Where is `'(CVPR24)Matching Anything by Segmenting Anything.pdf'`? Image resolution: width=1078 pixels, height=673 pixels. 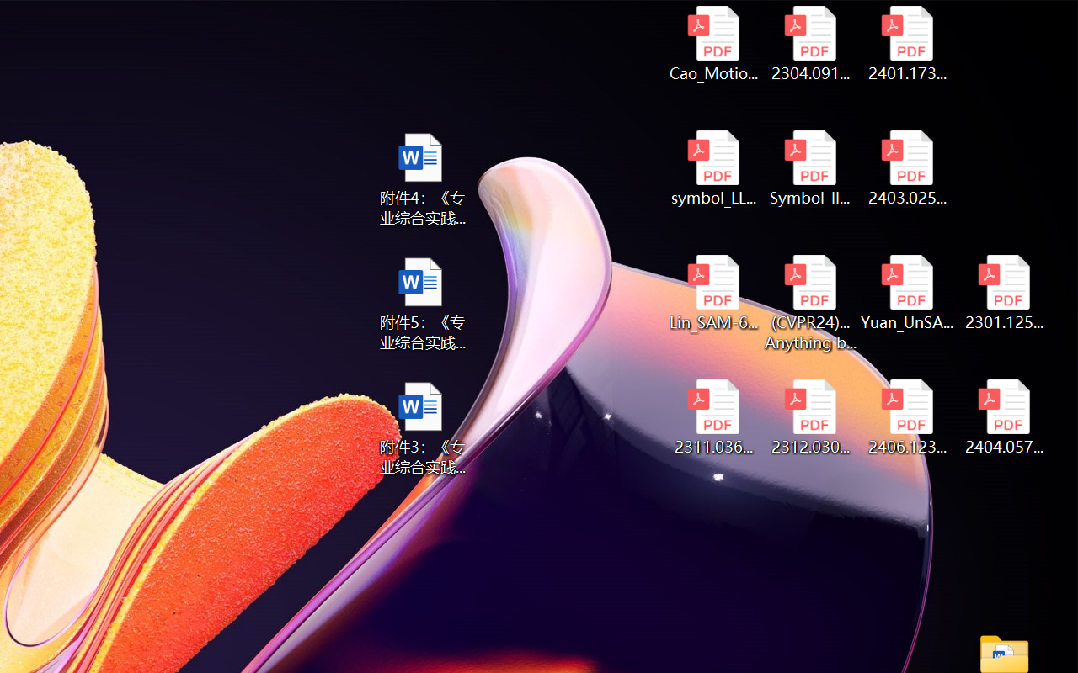
'(CVPR24)Matching Anything by Segmenting Anything.pdf' is located at coordinates (810, 303).